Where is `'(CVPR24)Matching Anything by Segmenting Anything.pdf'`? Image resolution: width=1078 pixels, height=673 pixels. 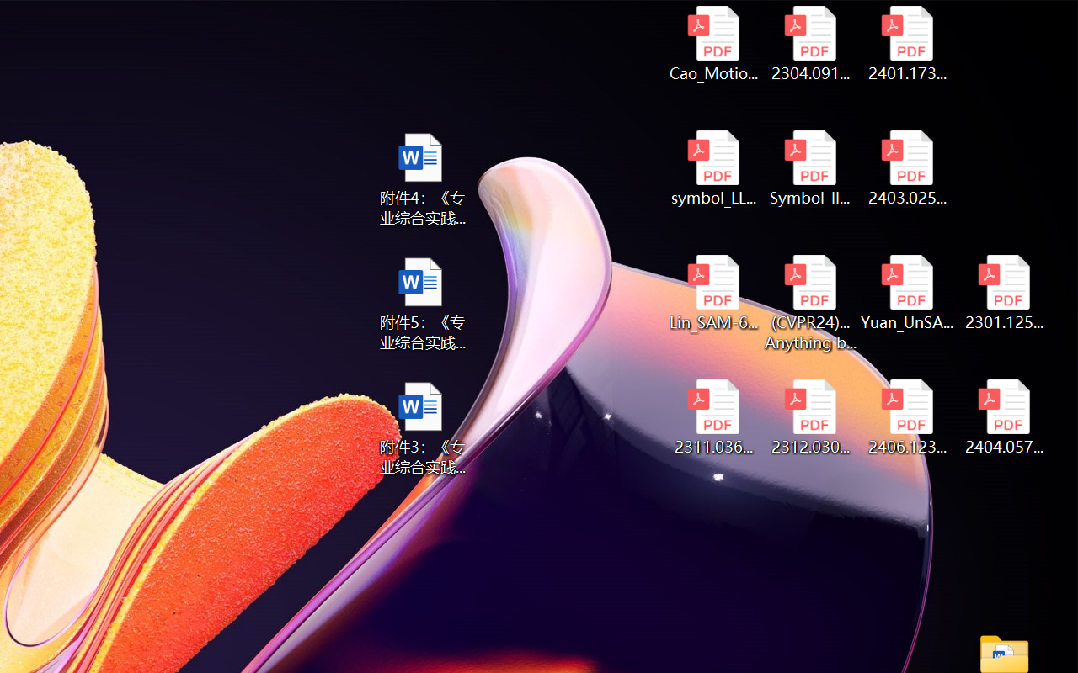
'(CVPR24)Matching Anything by Segmenting Anything.pdf' is located at coordinates (810, 303).